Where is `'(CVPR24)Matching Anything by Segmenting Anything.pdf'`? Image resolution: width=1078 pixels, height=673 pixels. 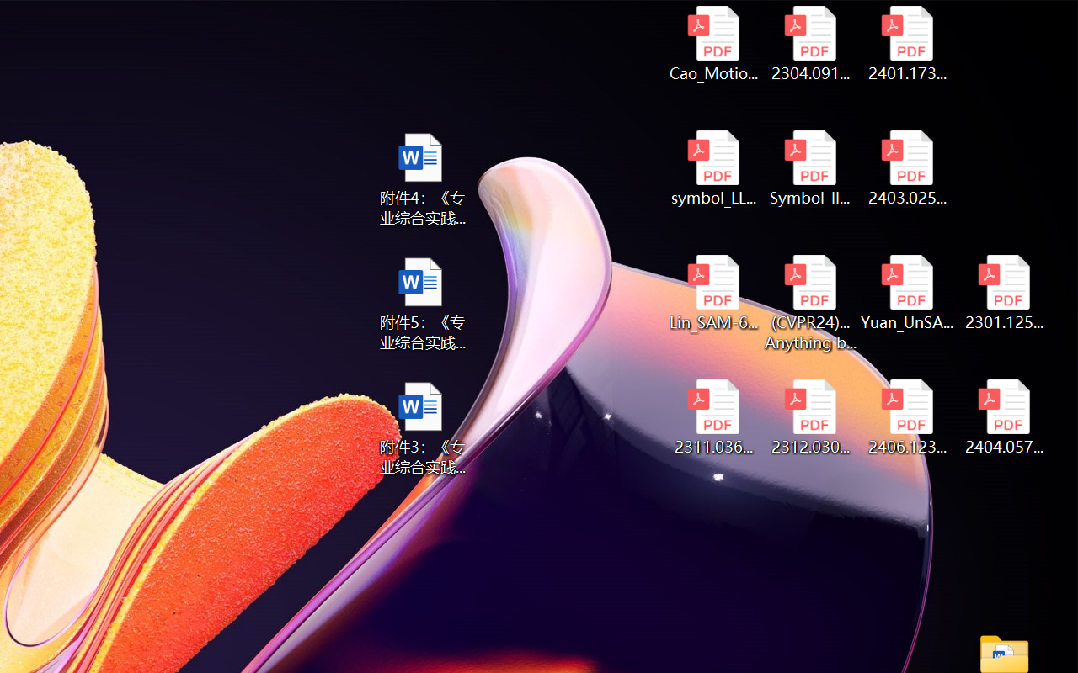
'(CVPR24)Matching Anything by Segmenting Anything.pdf' is located at coordinates (810, 303).